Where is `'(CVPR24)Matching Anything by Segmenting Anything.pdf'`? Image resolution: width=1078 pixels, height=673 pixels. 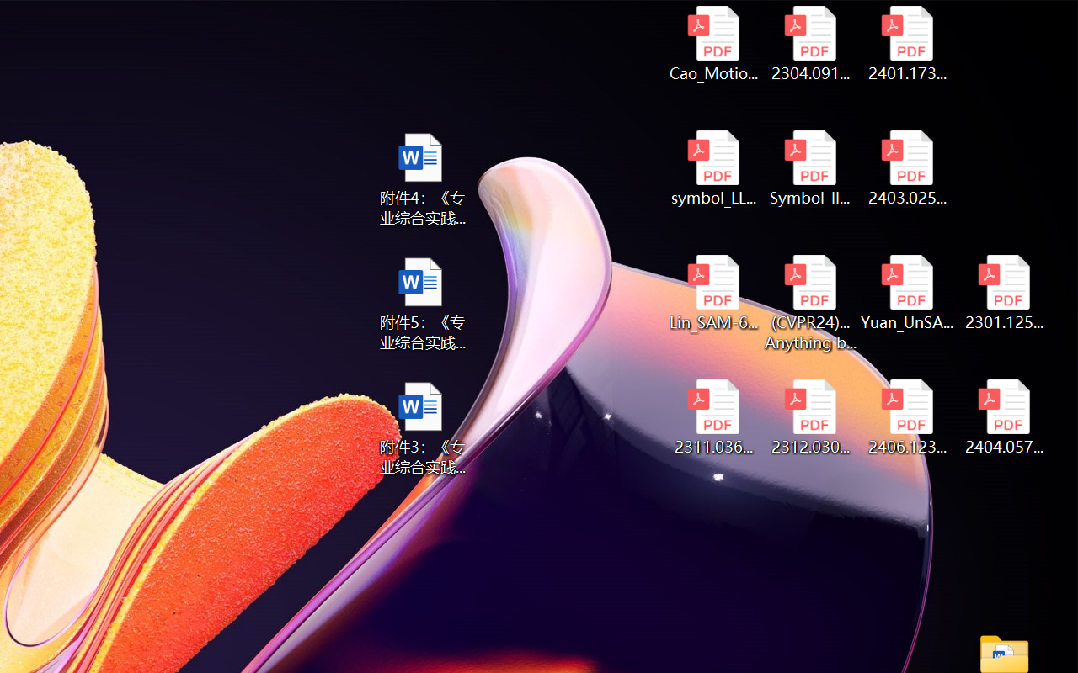
'(CVPR24)Matching Anything by Segmenting Anything.pdf' is located at coordinates (810, 303).